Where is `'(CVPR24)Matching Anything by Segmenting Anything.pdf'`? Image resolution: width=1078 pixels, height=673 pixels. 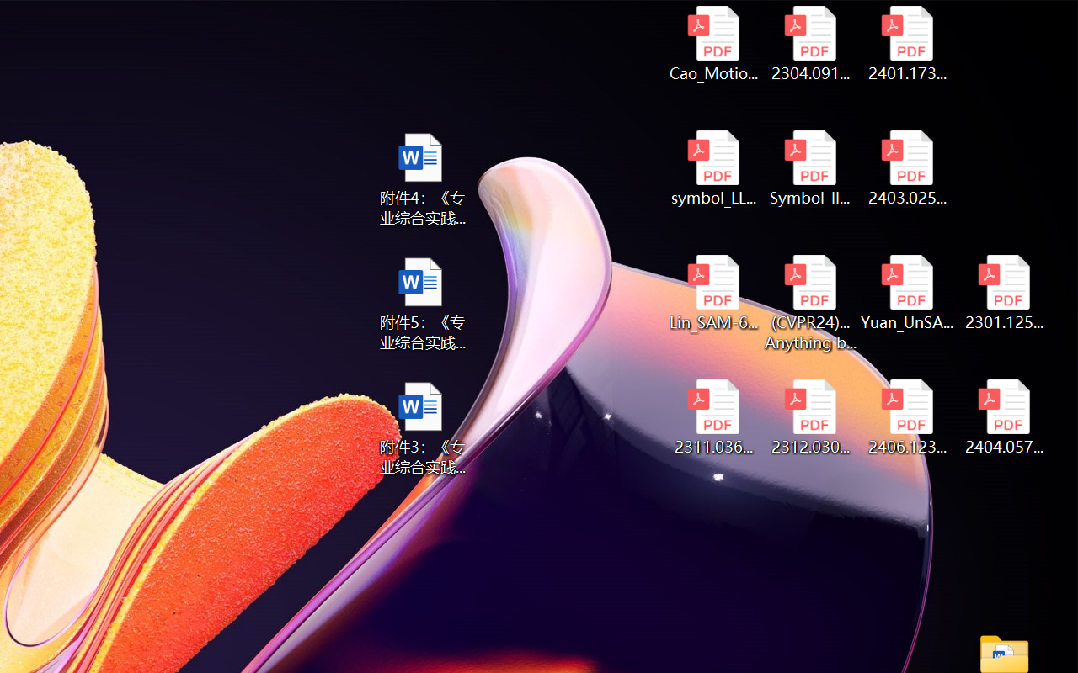
'(CVPR24)Matching Anything by Segmenting Anything.pdf' is located at coordinates (810, 303).